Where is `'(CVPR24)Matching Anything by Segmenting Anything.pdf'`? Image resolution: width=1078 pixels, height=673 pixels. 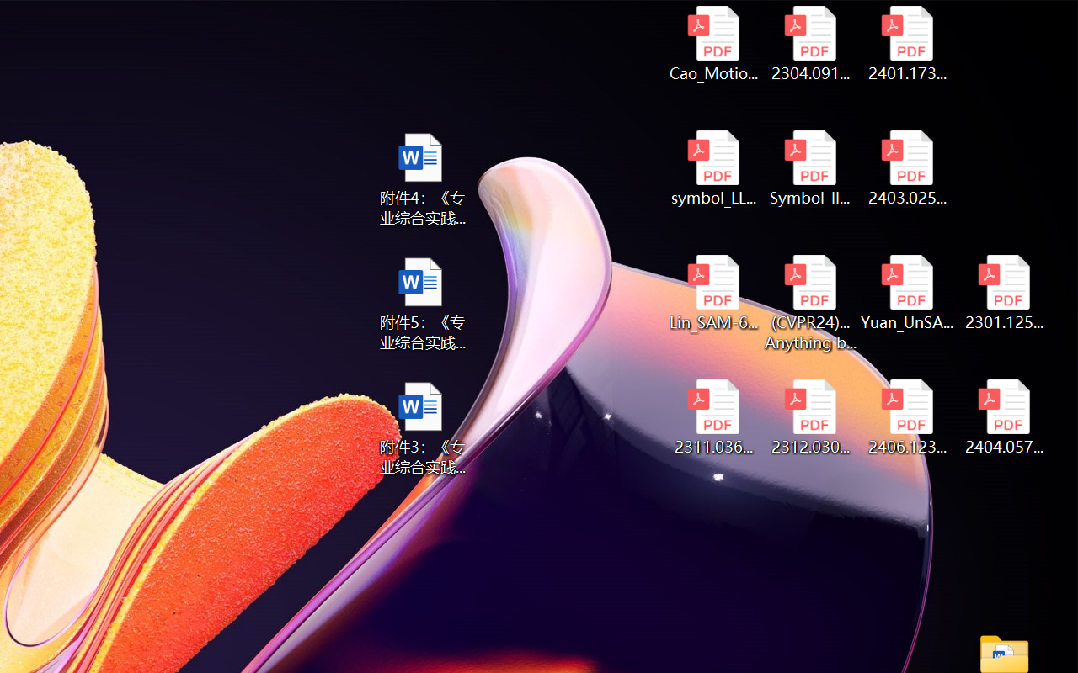
'(CVPR24)Matching Anything by Segmenting Anything.pdf' is located at coordinates (810, 303).